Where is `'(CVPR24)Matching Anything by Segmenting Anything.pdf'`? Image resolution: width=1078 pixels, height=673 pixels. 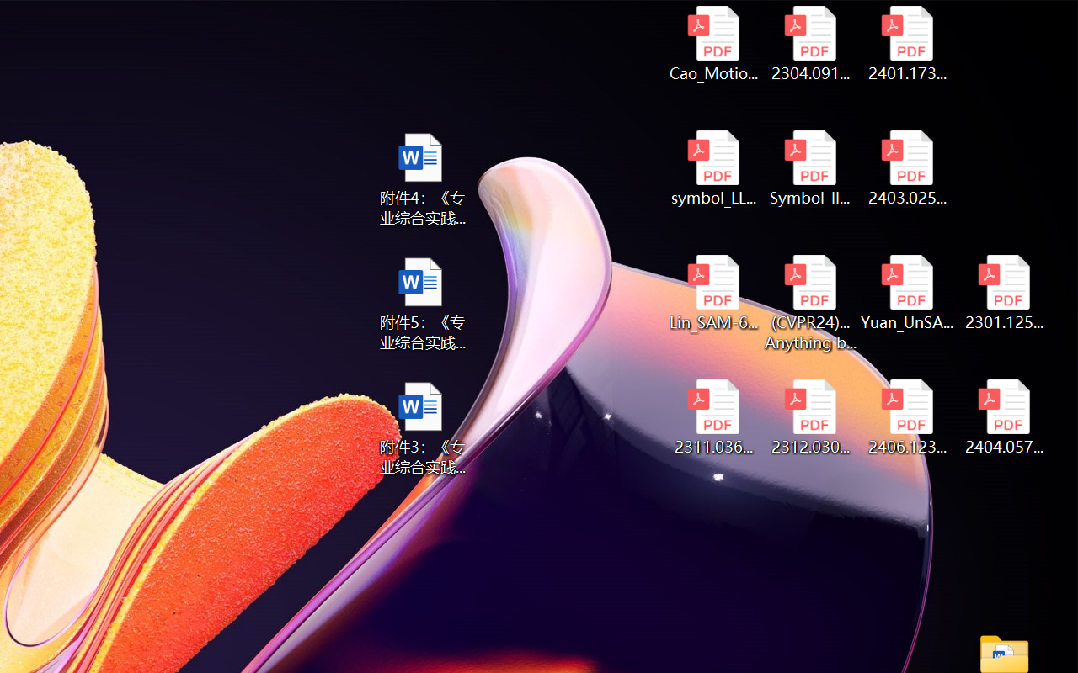
'(CVPR24)Matching Anything by Segmenting Anything.pdf' is located at coordinates (810, 303).